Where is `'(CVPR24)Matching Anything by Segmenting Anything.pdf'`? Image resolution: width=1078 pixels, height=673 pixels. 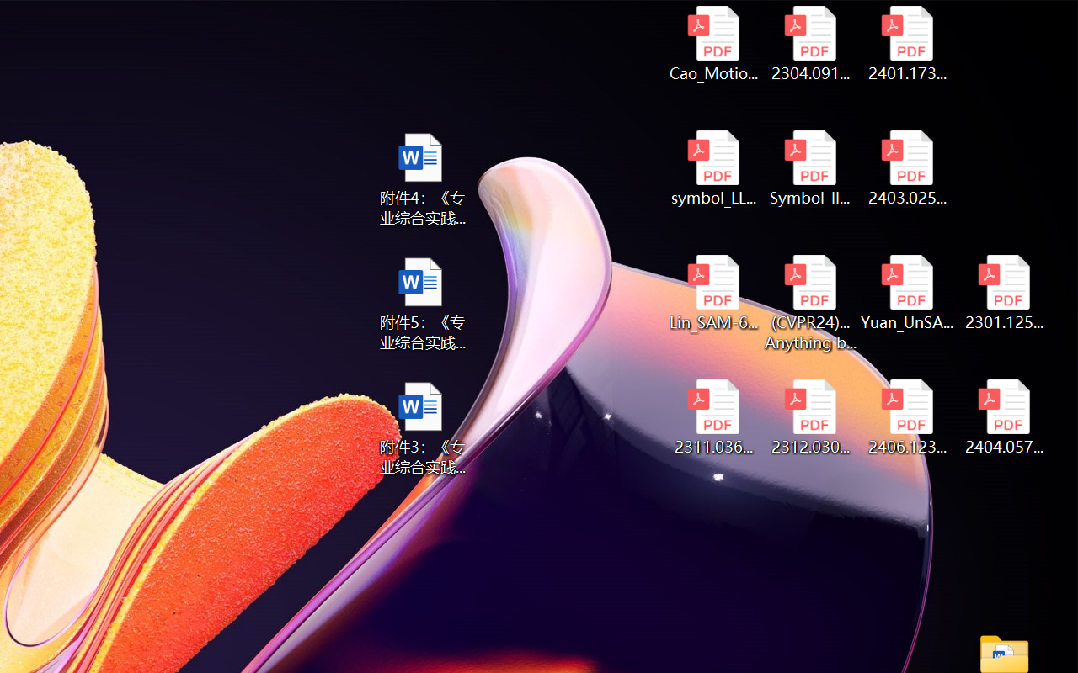
'(CVPR24)Matching Anything by Segmenting Anything.pdf' is located at coordinates (810, 303).